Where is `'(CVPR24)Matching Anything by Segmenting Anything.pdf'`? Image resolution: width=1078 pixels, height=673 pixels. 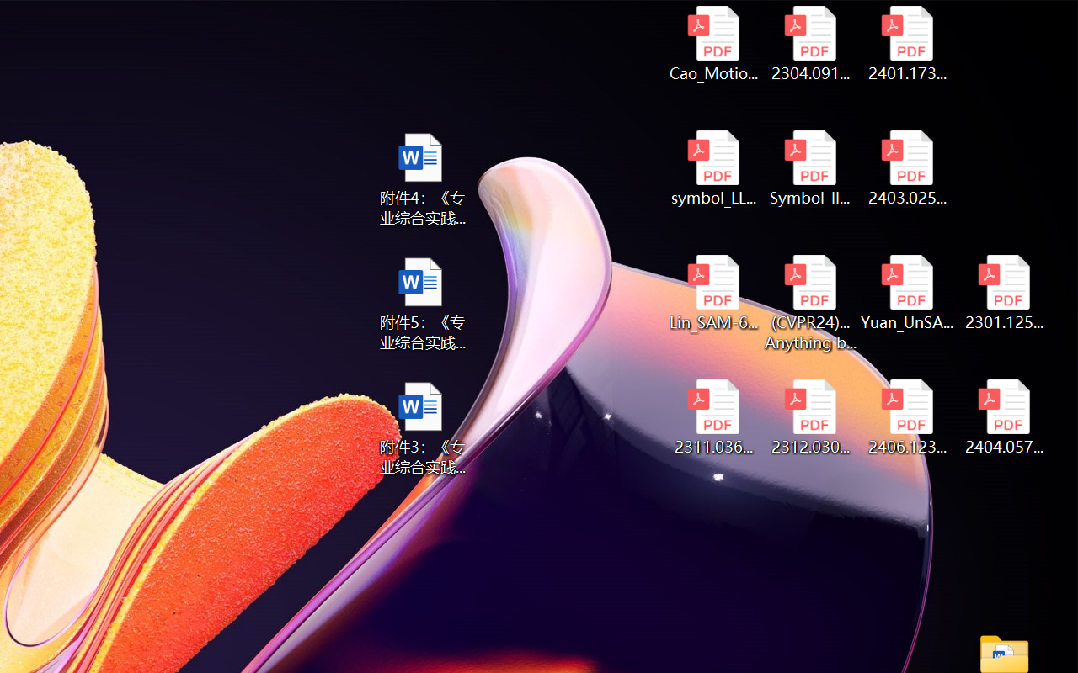
'(CVPR24)Matching Anything by Segmenting Anything.pdf' is located at coordinates (810, 303).